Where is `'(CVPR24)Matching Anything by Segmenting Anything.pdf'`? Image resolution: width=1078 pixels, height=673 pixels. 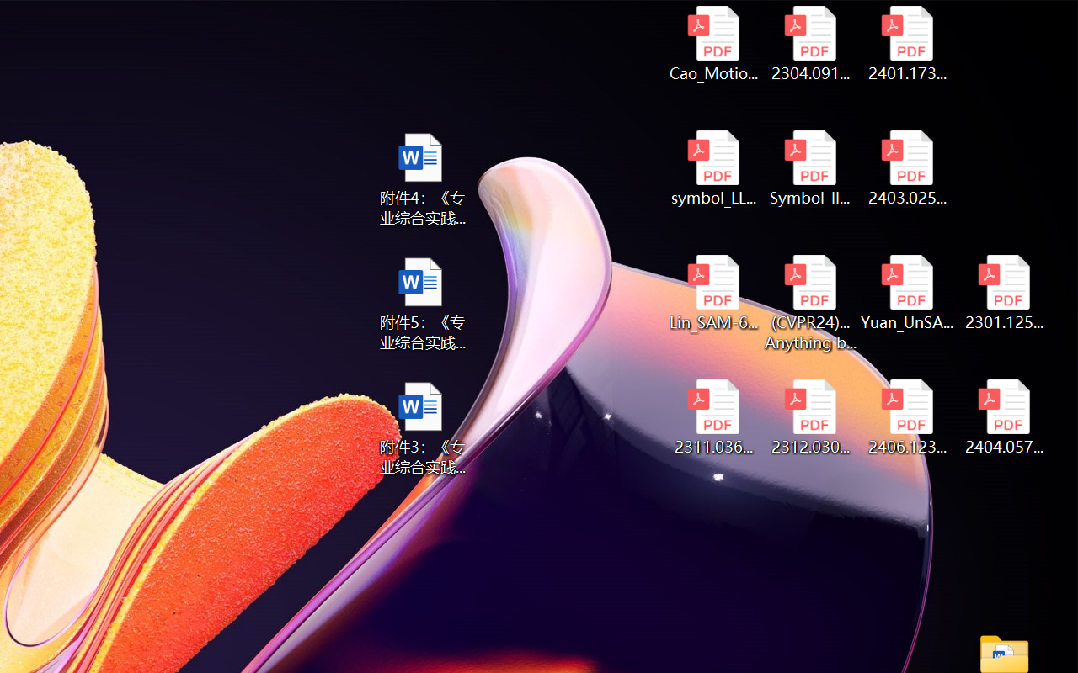
'(CVPR24)Matching Anything by Segmenting Anything.pdf' is located at coordinates (810, 303).